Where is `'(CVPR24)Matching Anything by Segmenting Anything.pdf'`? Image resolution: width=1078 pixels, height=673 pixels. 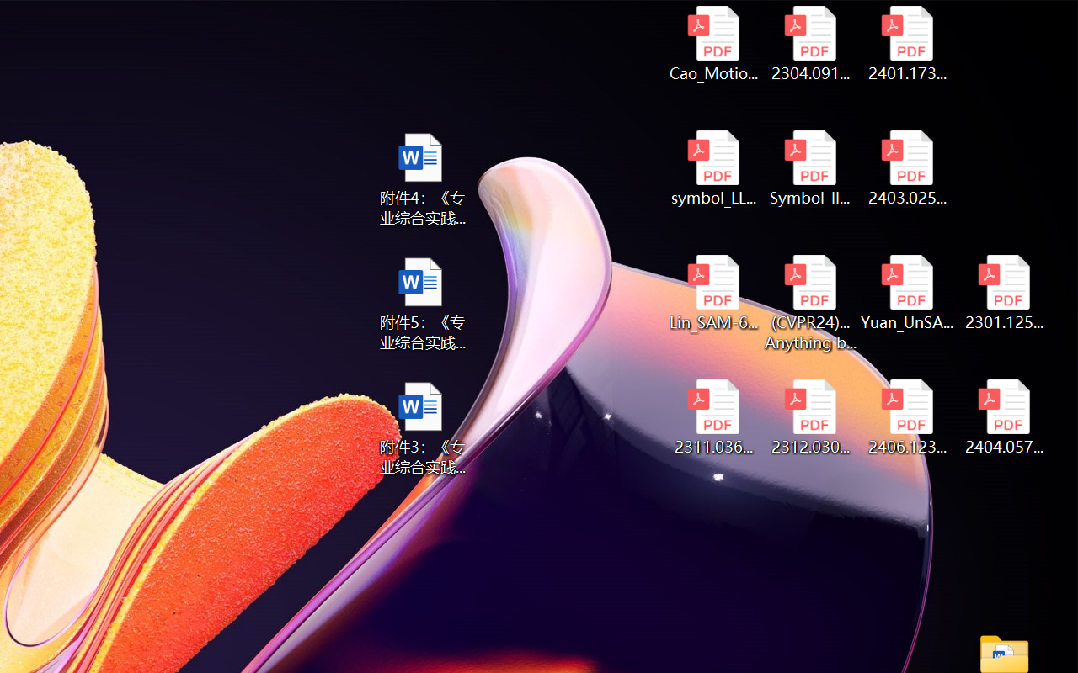
'(CVPR24)Matching Anything by Segmenting Anything.pdf' is located at coordinates (810, 303).